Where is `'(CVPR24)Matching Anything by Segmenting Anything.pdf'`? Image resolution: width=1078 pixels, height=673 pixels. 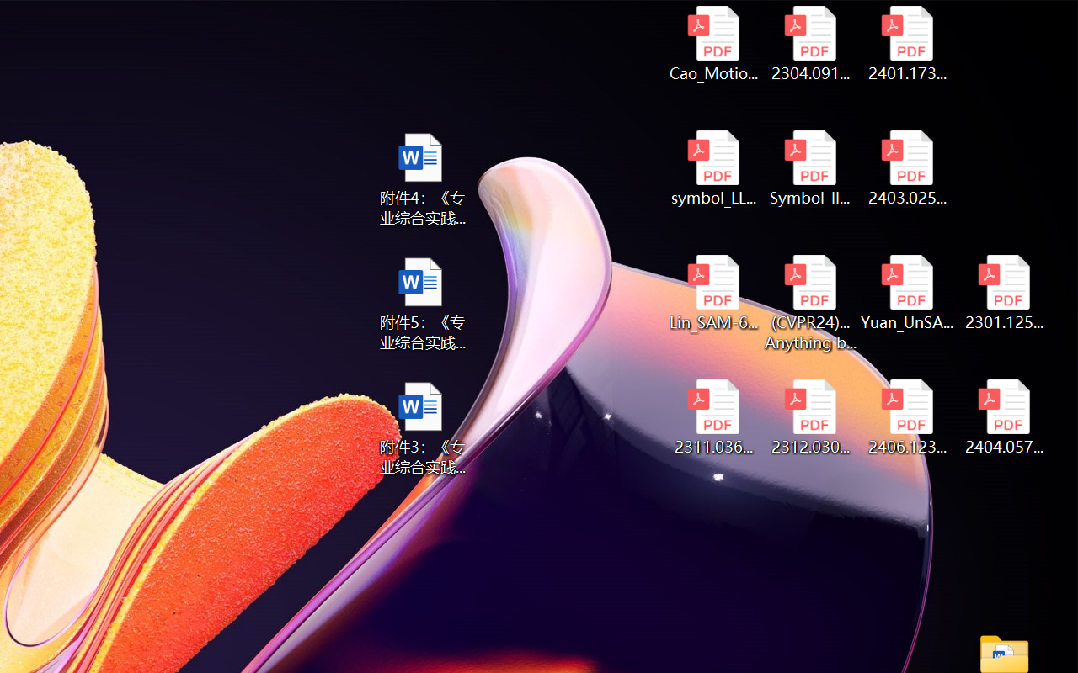
'(CVPR24)Matching Anything by Segmenting Anything.pdf' is located at coordinates (810, 303).